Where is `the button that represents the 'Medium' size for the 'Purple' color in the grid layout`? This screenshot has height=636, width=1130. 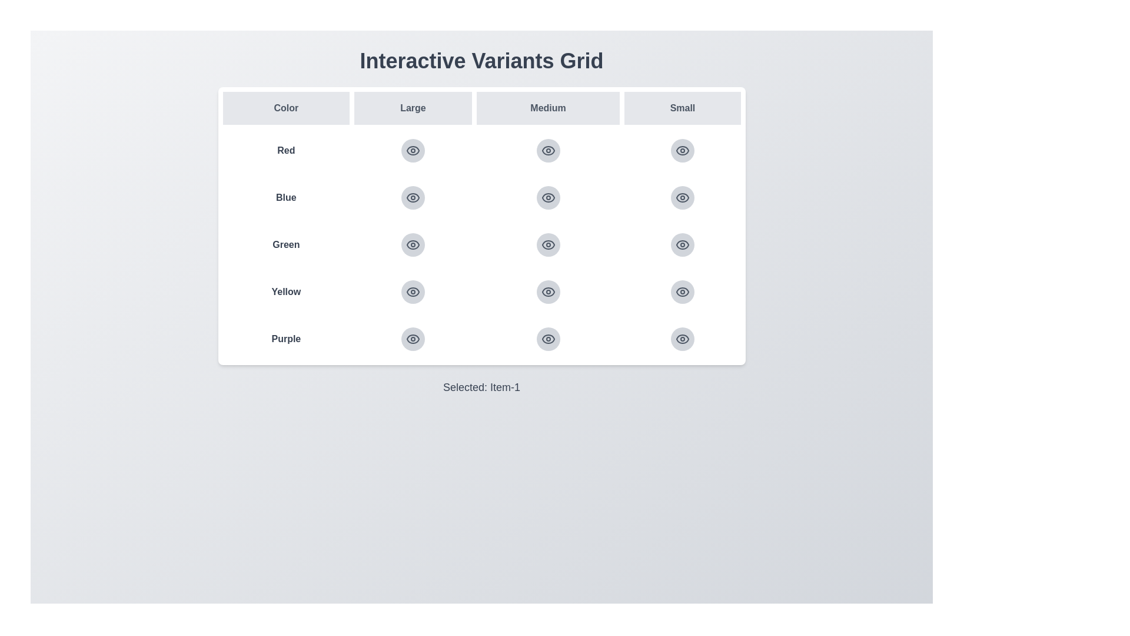
the button that represents the 'Medium' size for the 'Purple' color in the grid layout is located at coordinates (547, 339).